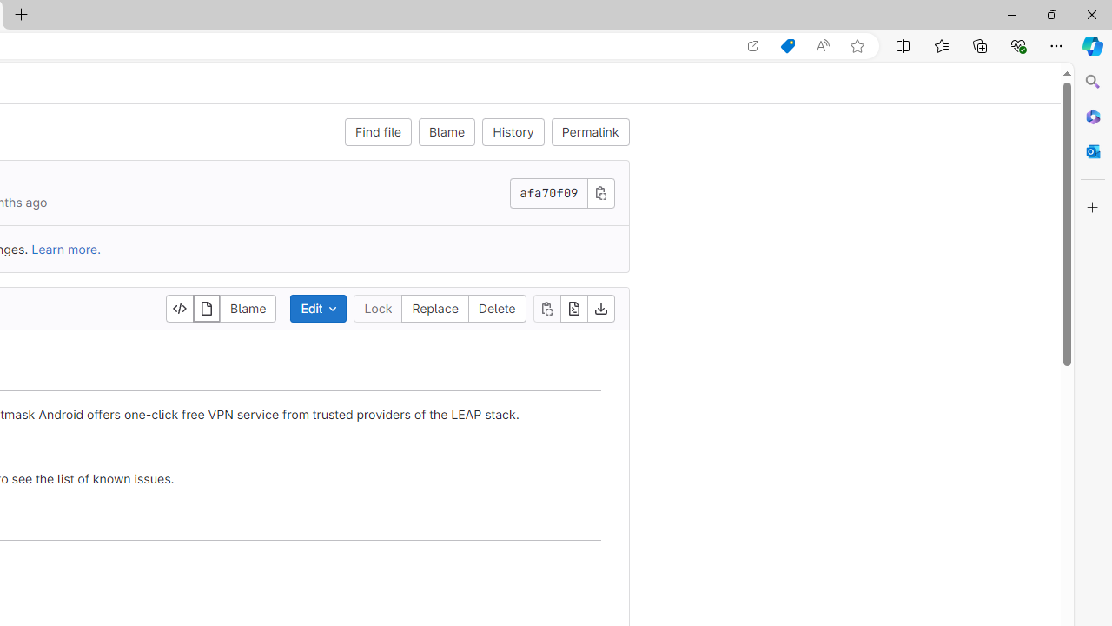 The width and height of the screenshot is (1112, 626). What do you see at coordinates (753, 45) in the screenshot?
I see `'Open in app'` at bounding box center [753, 45].